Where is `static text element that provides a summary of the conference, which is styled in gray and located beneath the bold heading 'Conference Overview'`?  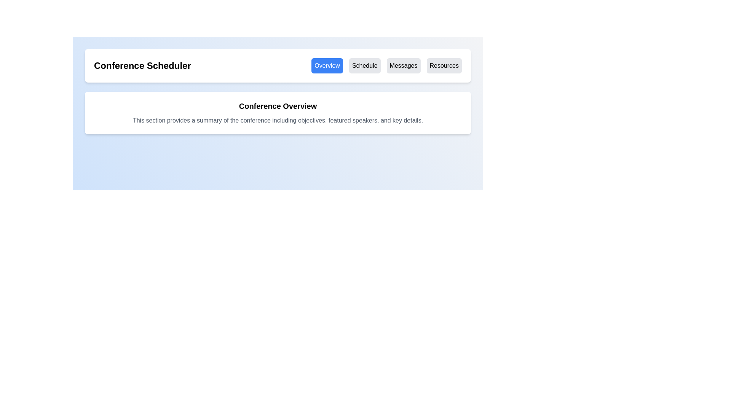
static text element that provides a summary of the conference, which is styled in gray and located beneath the bold heading 'Conference Overview' is located at coordinates (277, 120).